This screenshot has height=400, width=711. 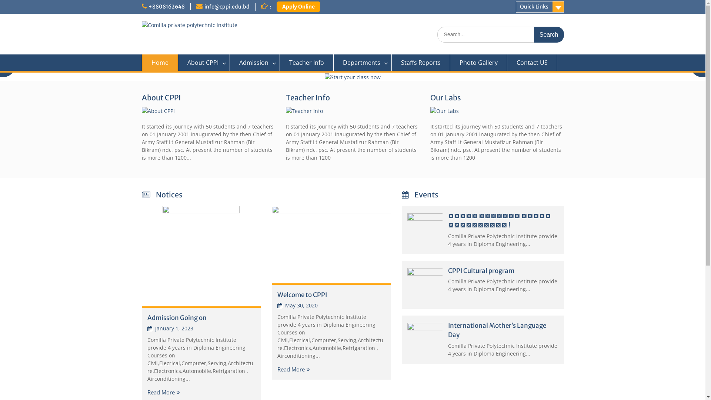 I want to click on 'Read More', so click(x=293, y=369).